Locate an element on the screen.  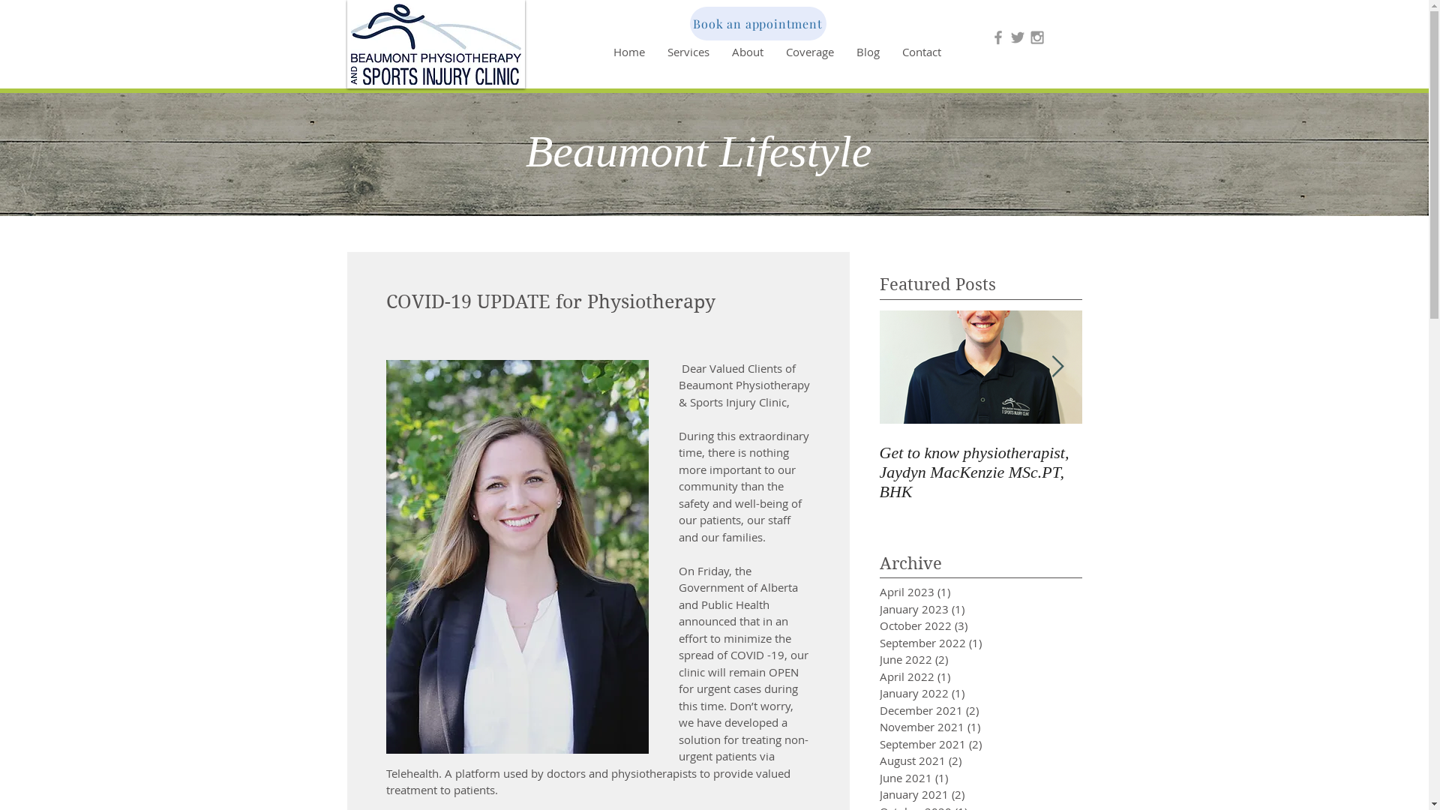
'September 2022 (1)' is located at coordinates (956, 642).